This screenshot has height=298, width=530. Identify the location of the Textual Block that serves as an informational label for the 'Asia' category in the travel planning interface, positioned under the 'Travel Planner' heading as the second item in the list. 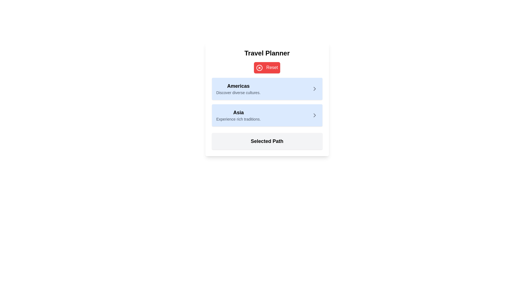
(239, 115).